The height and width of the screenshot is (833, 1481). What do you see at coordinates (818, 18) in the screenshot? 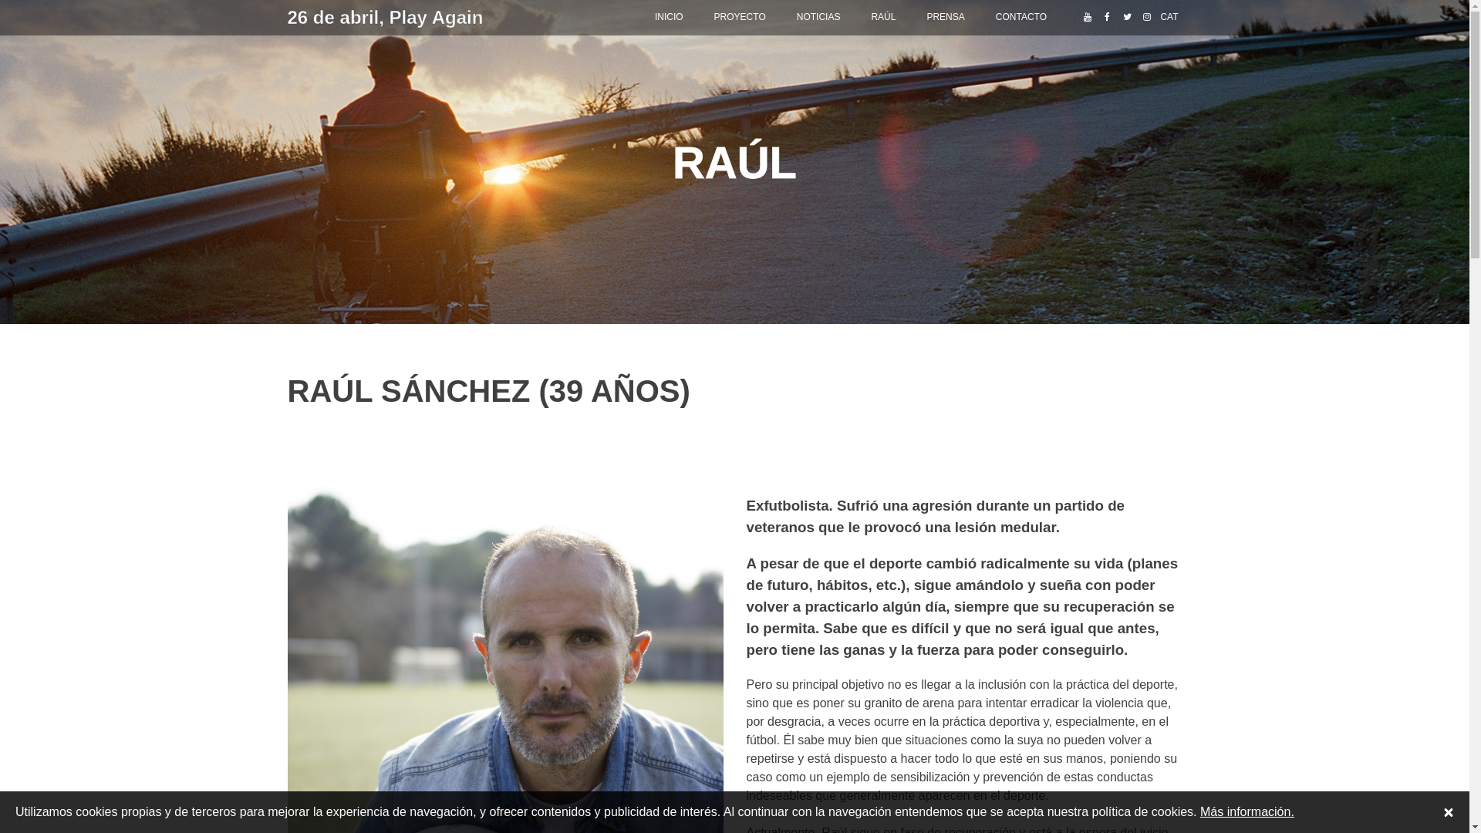
I see `'NOTICIAS'` at bounding box center [818, 18].